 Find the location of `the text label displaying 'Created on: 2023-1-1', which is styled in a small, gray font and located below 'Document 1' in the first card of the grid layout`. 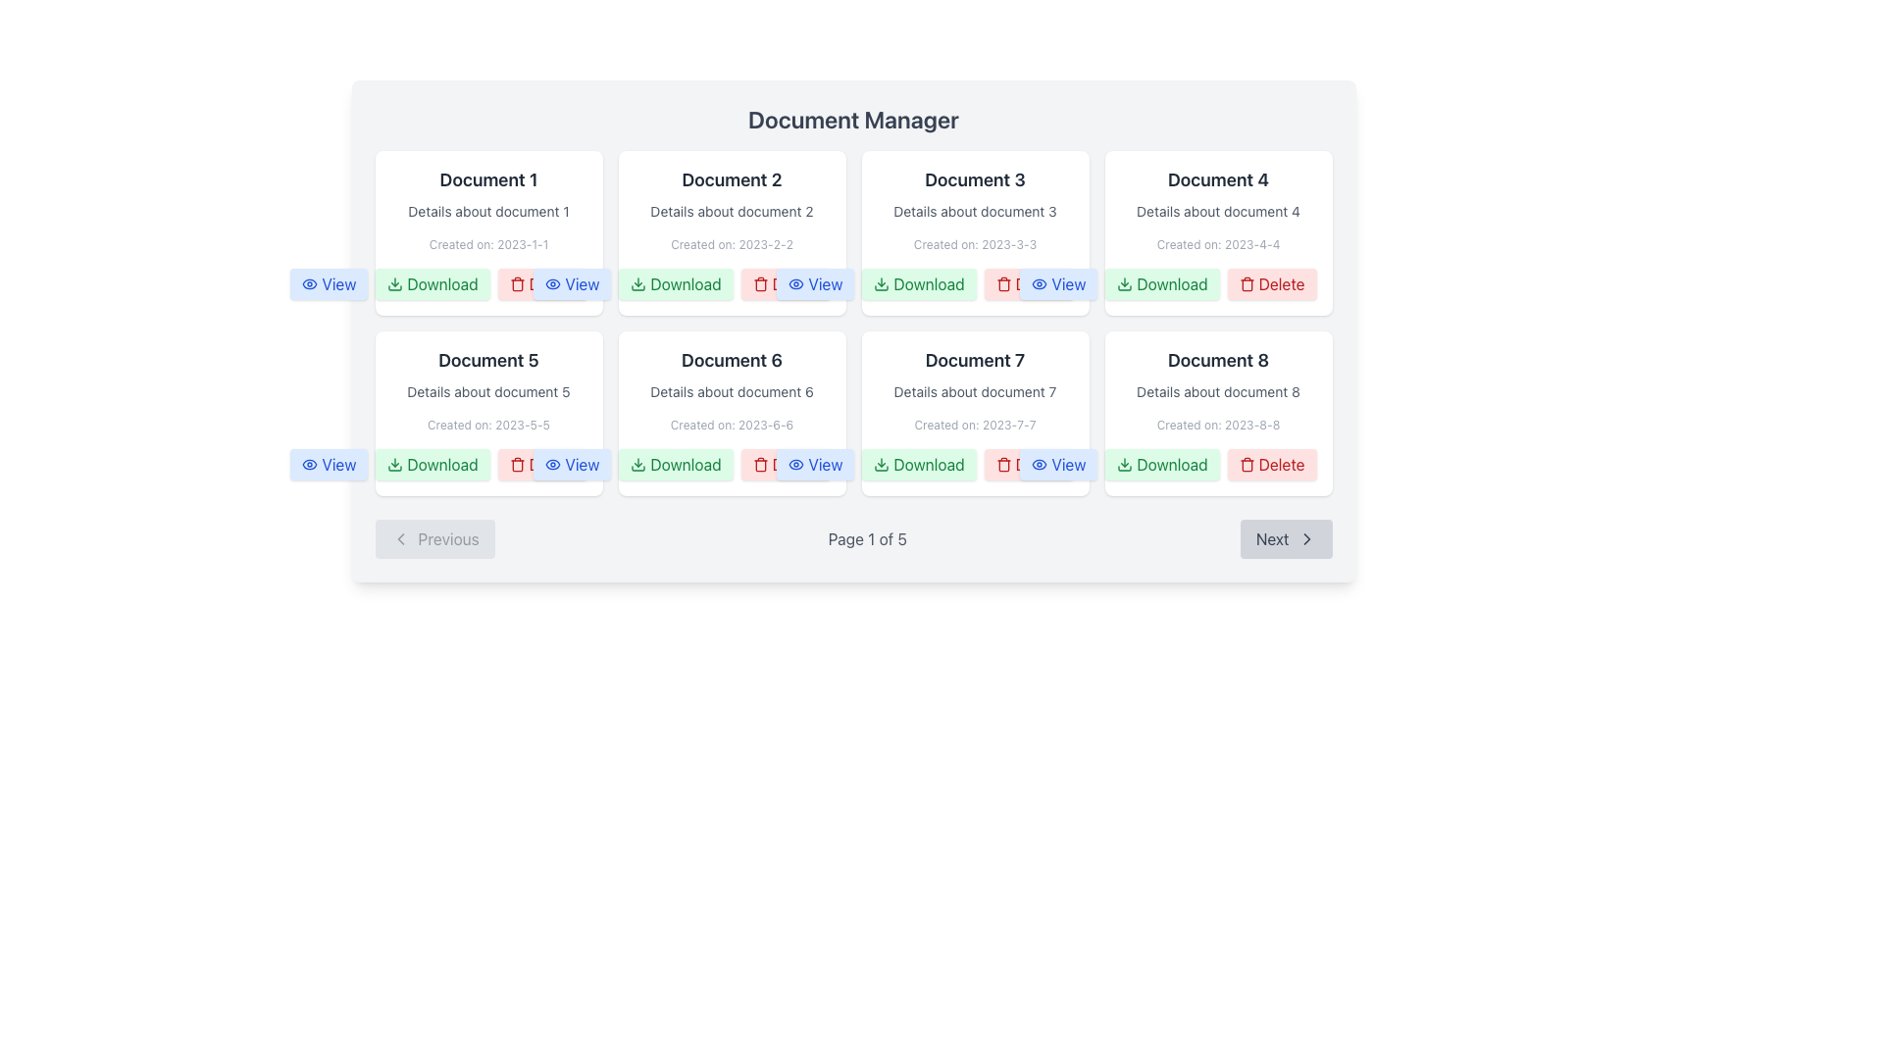

the text label displaying 'Created on: 2023-1-1', which is styled in a small, gray font and located below 'Document 1' in the first card of the grid layout is located at coordinates (488, 244).